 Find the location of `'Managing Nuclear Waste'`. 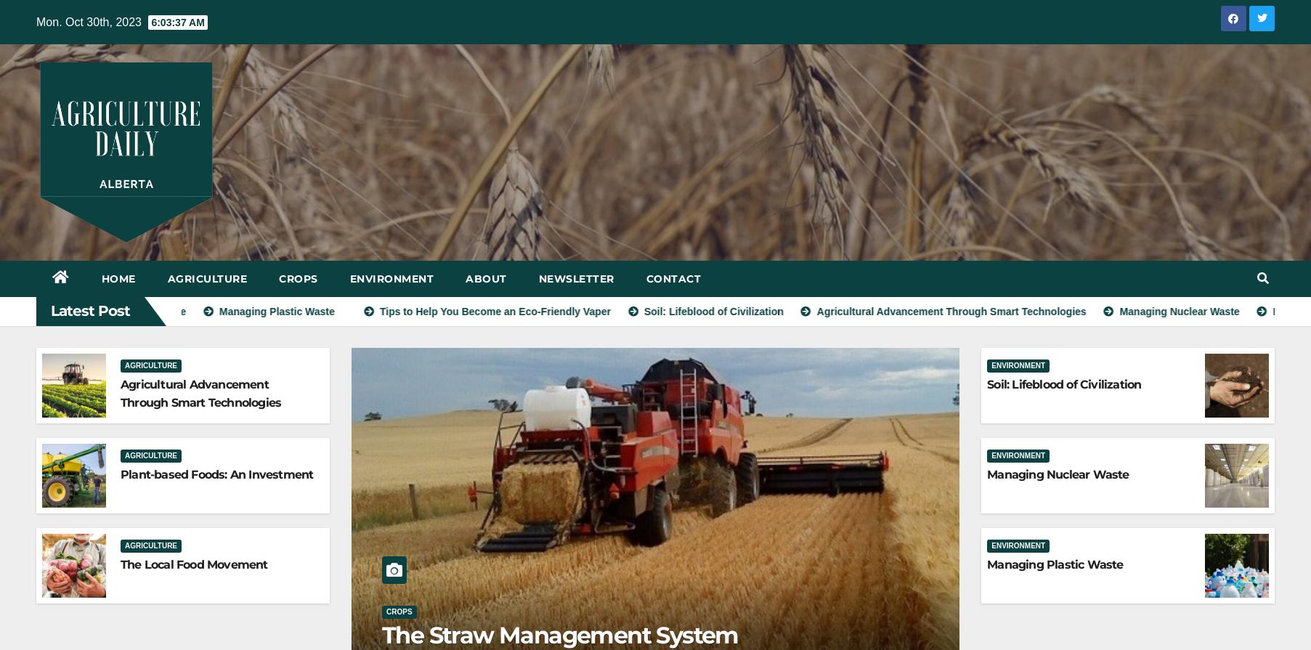

'Managing Nuclear Waste' is located at coordinates (1057, 473).